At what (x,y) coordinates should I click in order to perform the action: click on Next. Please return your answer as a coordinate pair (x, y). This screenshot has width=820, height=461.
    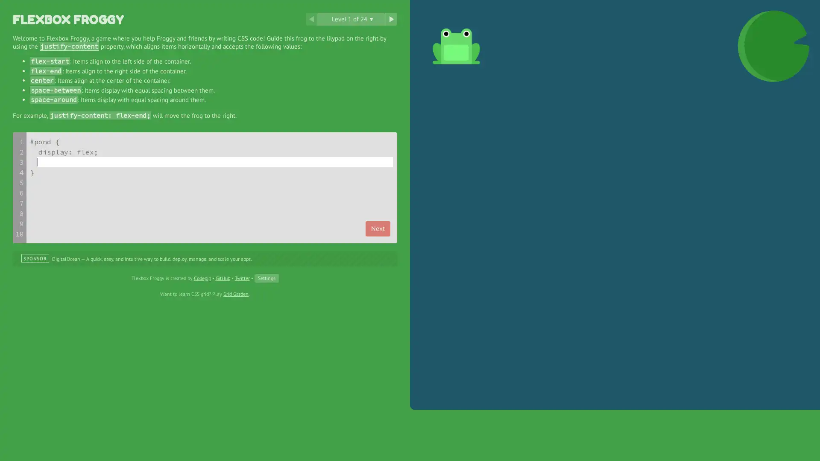
    Looking at the image, I should click on (377, 228).